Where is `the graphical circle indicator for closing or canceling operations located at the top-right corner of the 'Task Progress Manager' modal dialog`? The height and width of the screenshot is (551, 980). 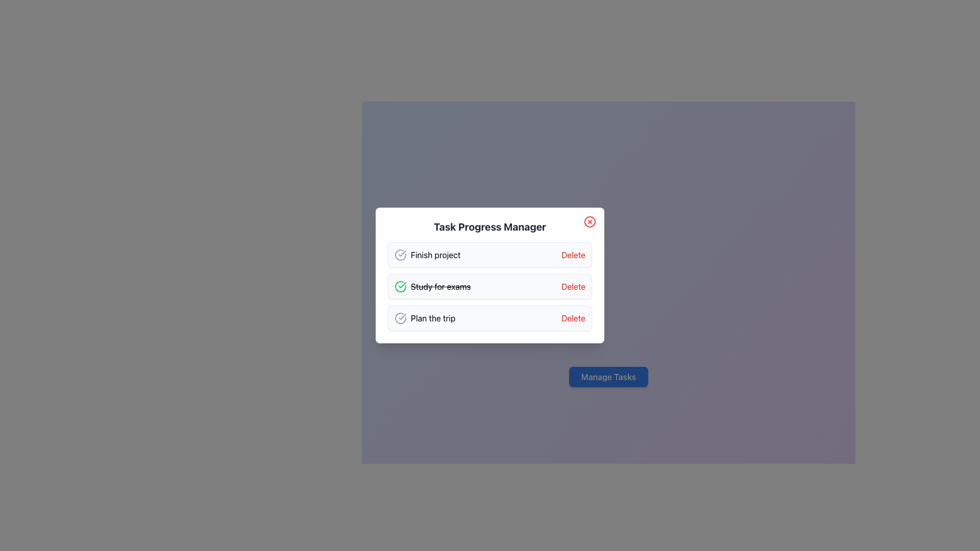 the graphical circle indicator for closing or canceling operations located at the top-right corner of the 'Task Progress Manager' modal dialog is located at coordinates (590, 221).